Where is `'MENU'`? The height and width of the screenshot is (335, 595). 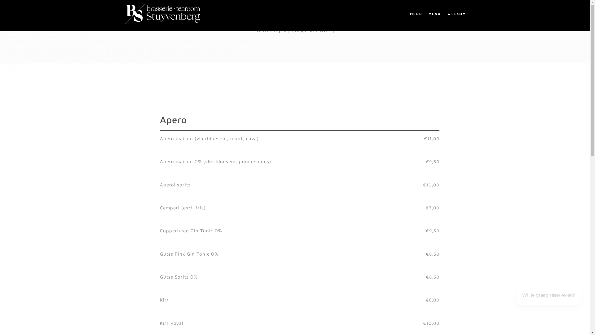
'MENU' is located at coordinates (434, 14).